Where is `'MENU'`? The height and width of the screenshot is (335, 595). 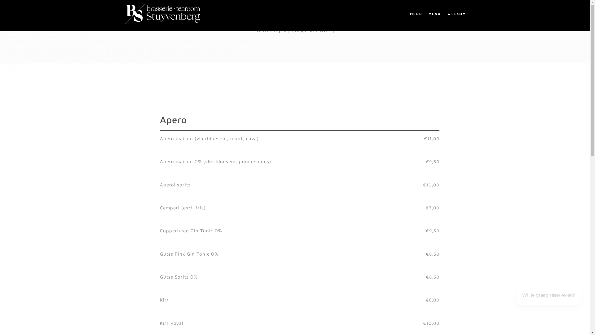
'MENU' is located at coordinates (434, 14).